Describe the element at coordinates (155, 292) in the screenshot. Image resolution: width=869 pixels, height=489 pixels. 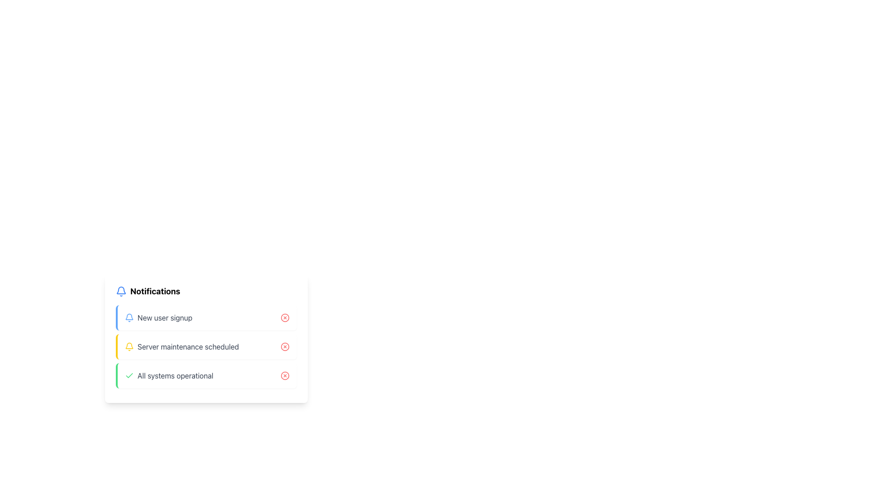
I see `the 'Notifications' text label, which is styled in bold and slightly larger font, located beside a blue notification bell icon in the notification section header` at that location.